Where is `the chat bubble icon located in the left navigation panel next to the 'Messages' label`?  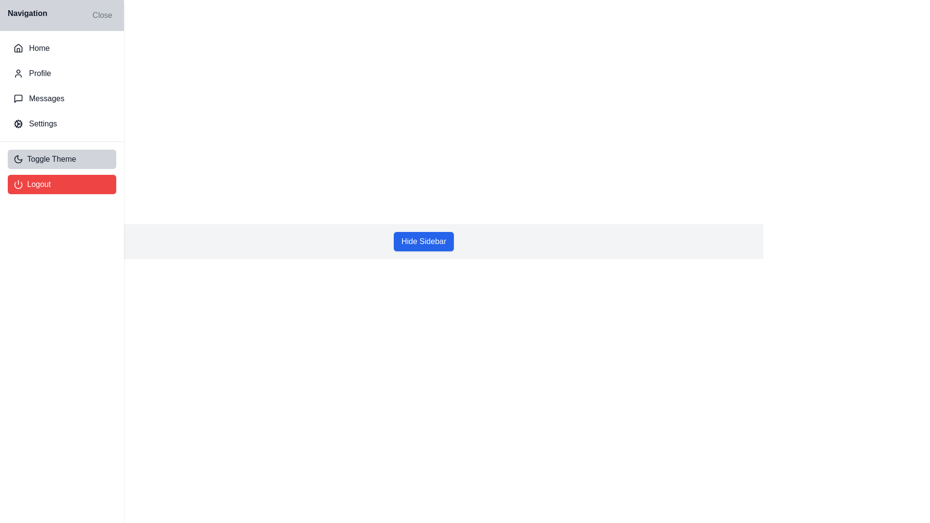
the chat bubble icon located in the left navigation panel next to the 'Messages' label is located at coordinates (18, 99).